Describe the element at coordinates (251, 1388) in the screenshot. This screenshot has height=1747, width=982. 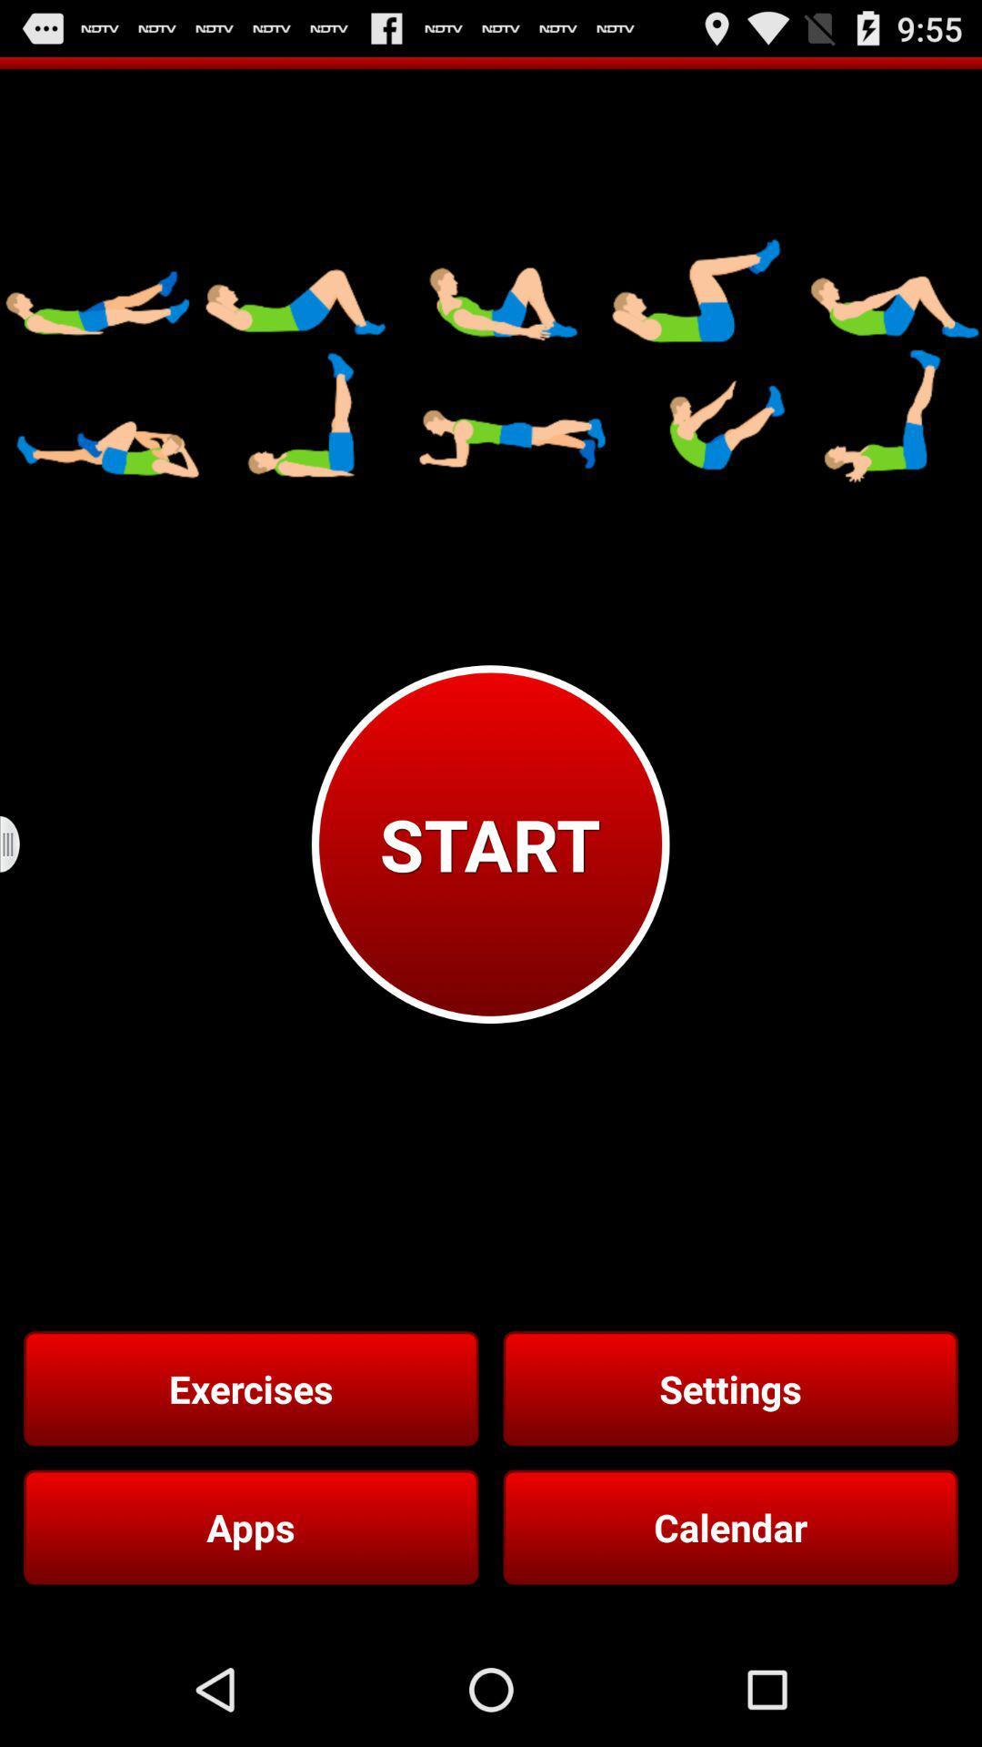
I see `item to the left of the settings button` at that location.